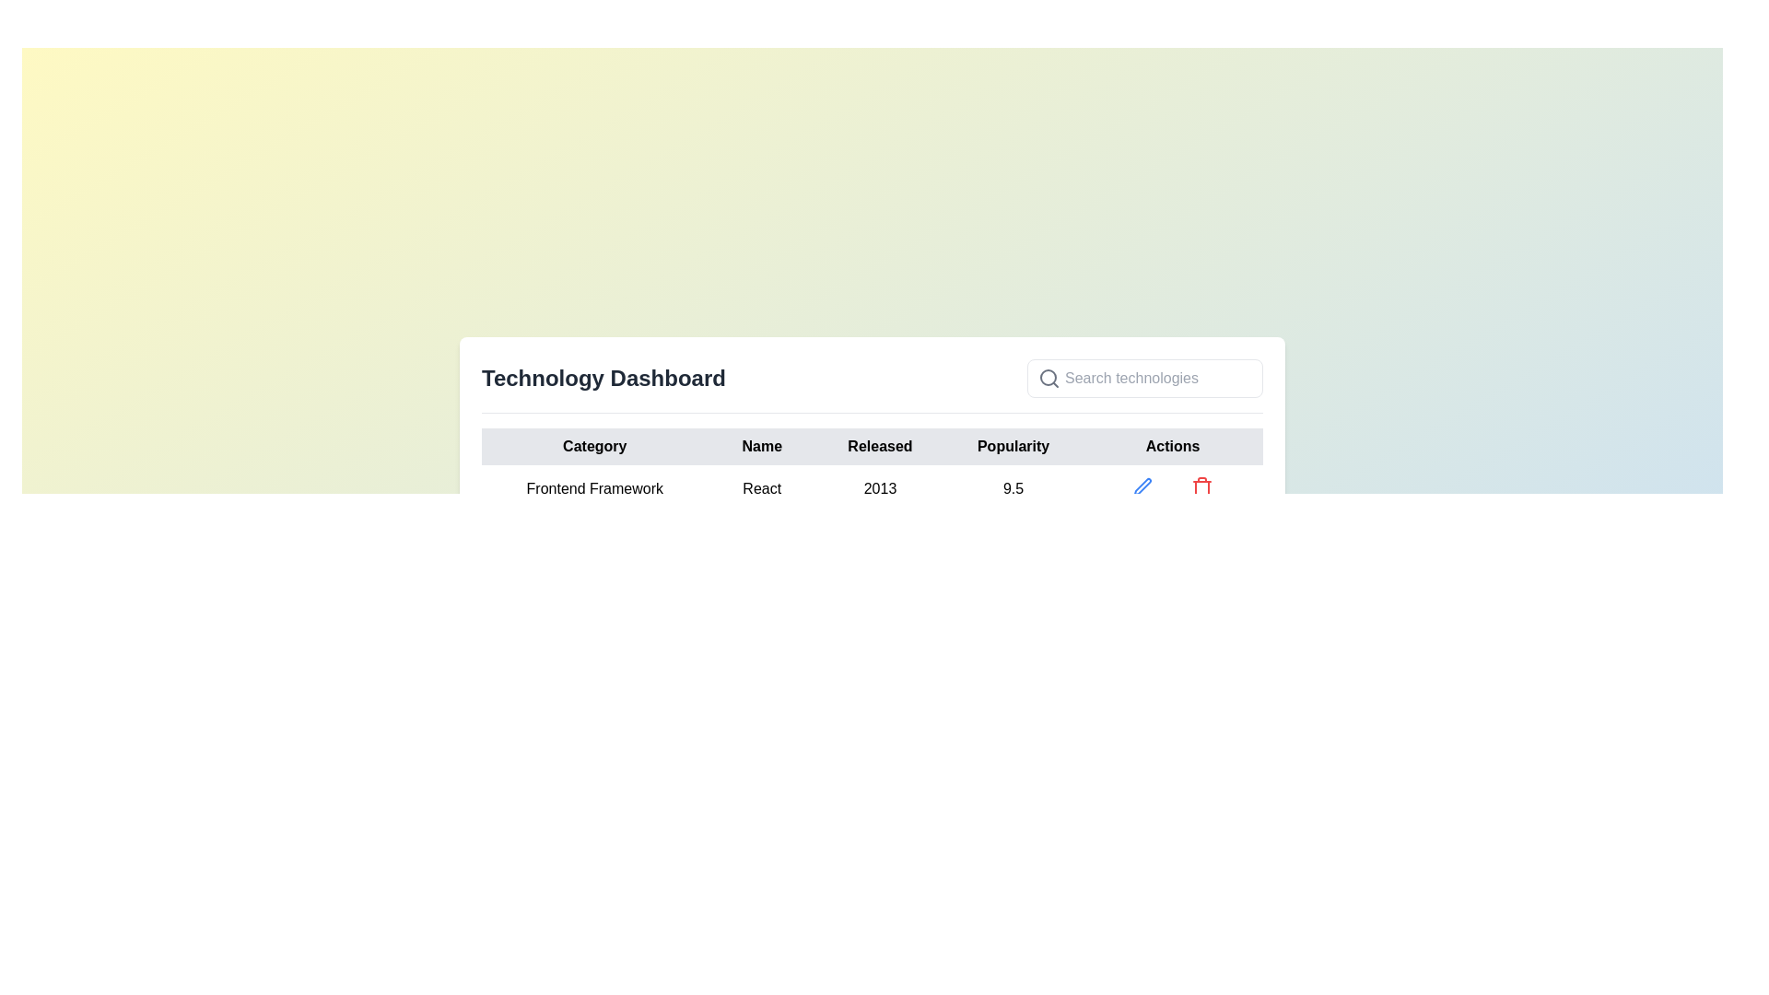 Image resolution: width=1769 pixels, height=995 pixels. Describe the element at coordinates (1142, 486) in the screenshot. I see `the editing tool button located in the 'Actions' column of the first row in the table` at that location.